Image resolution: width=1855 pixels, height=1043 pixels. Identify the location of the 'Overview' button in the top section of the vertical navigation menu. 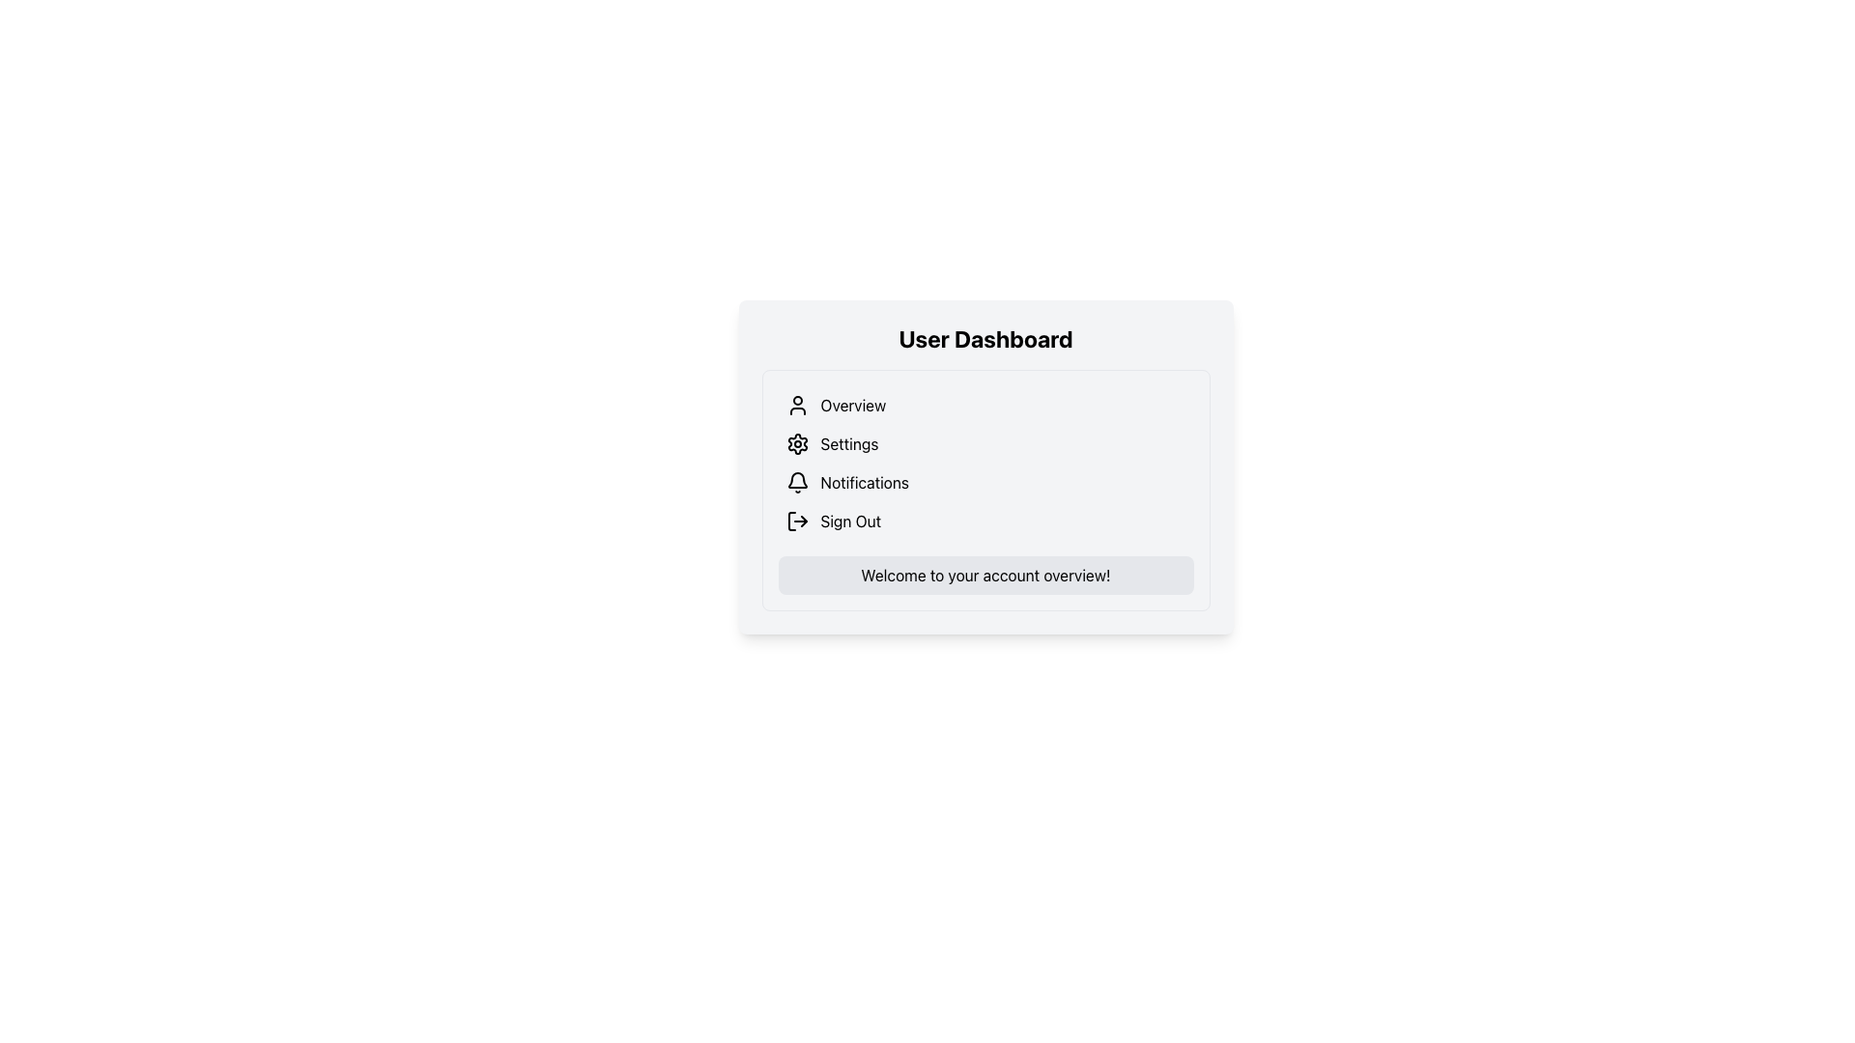
(985, 405).